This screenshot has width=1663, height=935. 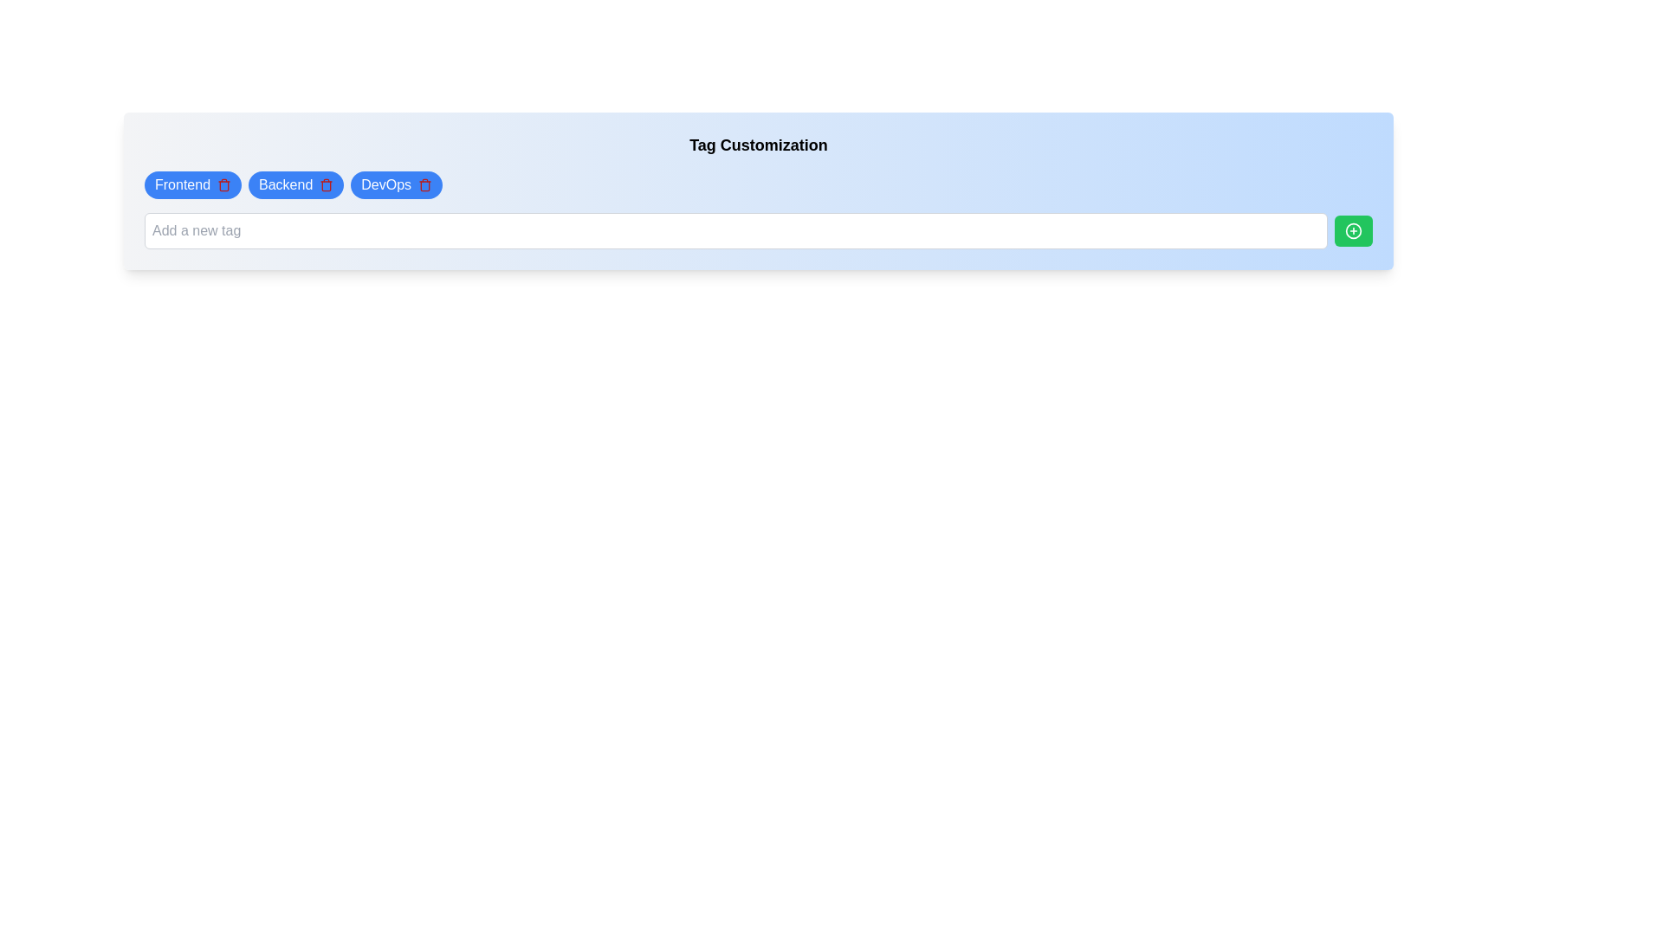 I want to click on the interactive trash can icon with red styling, positioned to the right of the 'Backend' label, so click(x=327, y=184).